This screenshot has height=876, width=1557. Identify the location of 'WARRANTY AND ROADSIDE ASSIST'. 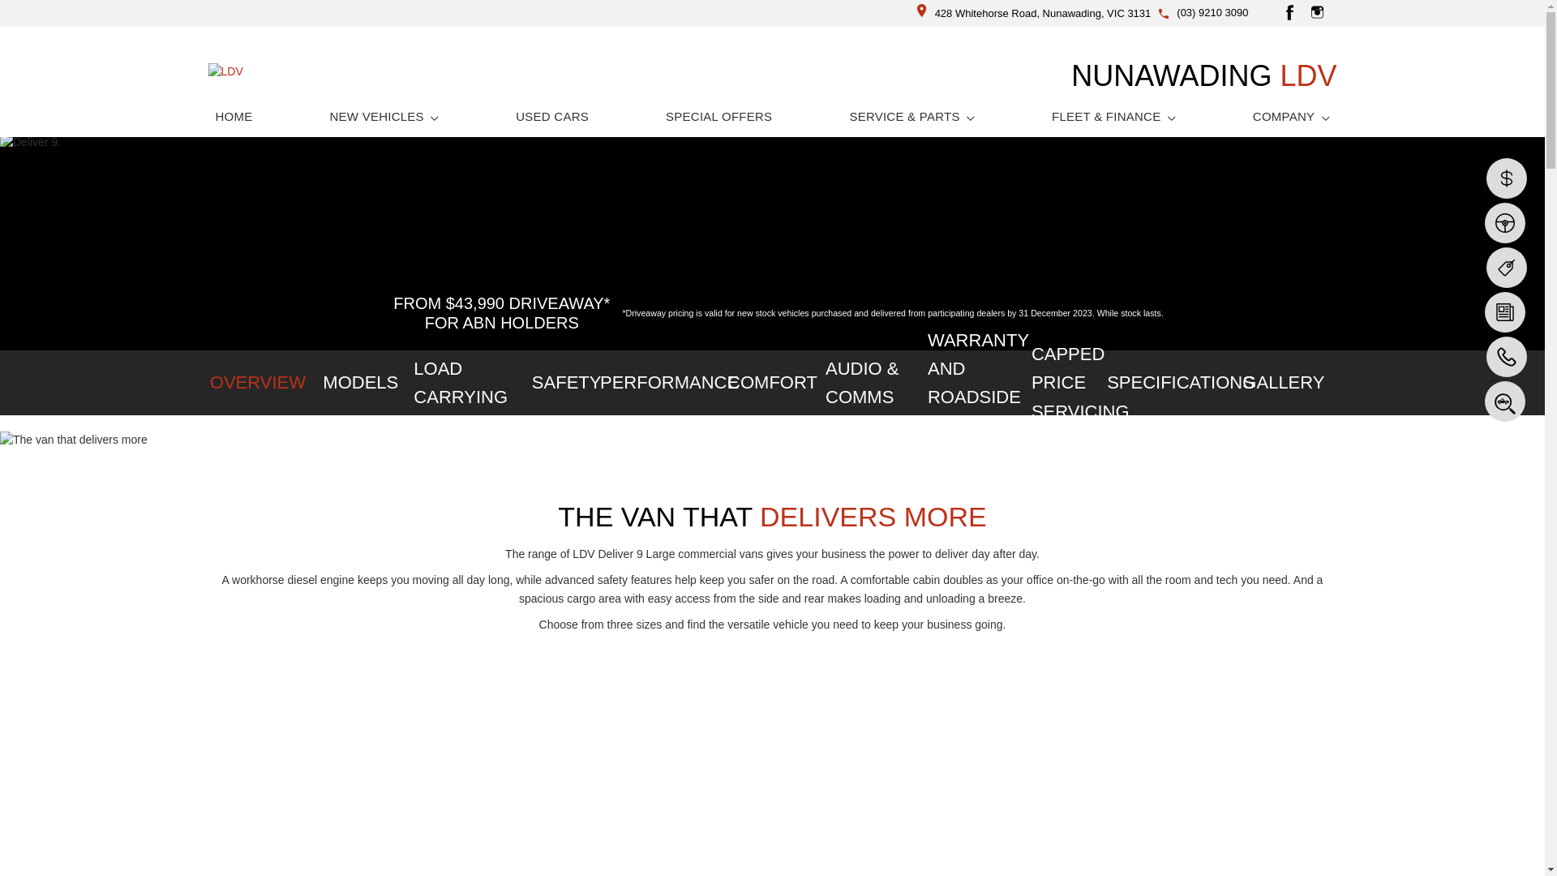
(977, 382).